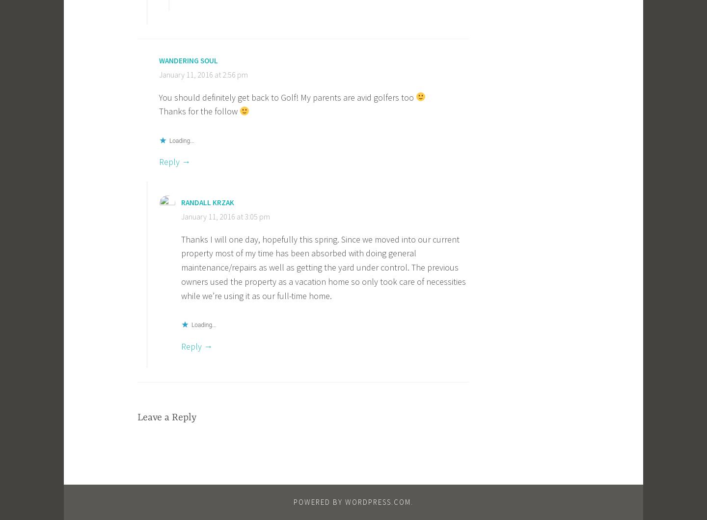  I want to click on 'You should definitely get back to Golf! My parents are avid golfers too', so click(287, 96).